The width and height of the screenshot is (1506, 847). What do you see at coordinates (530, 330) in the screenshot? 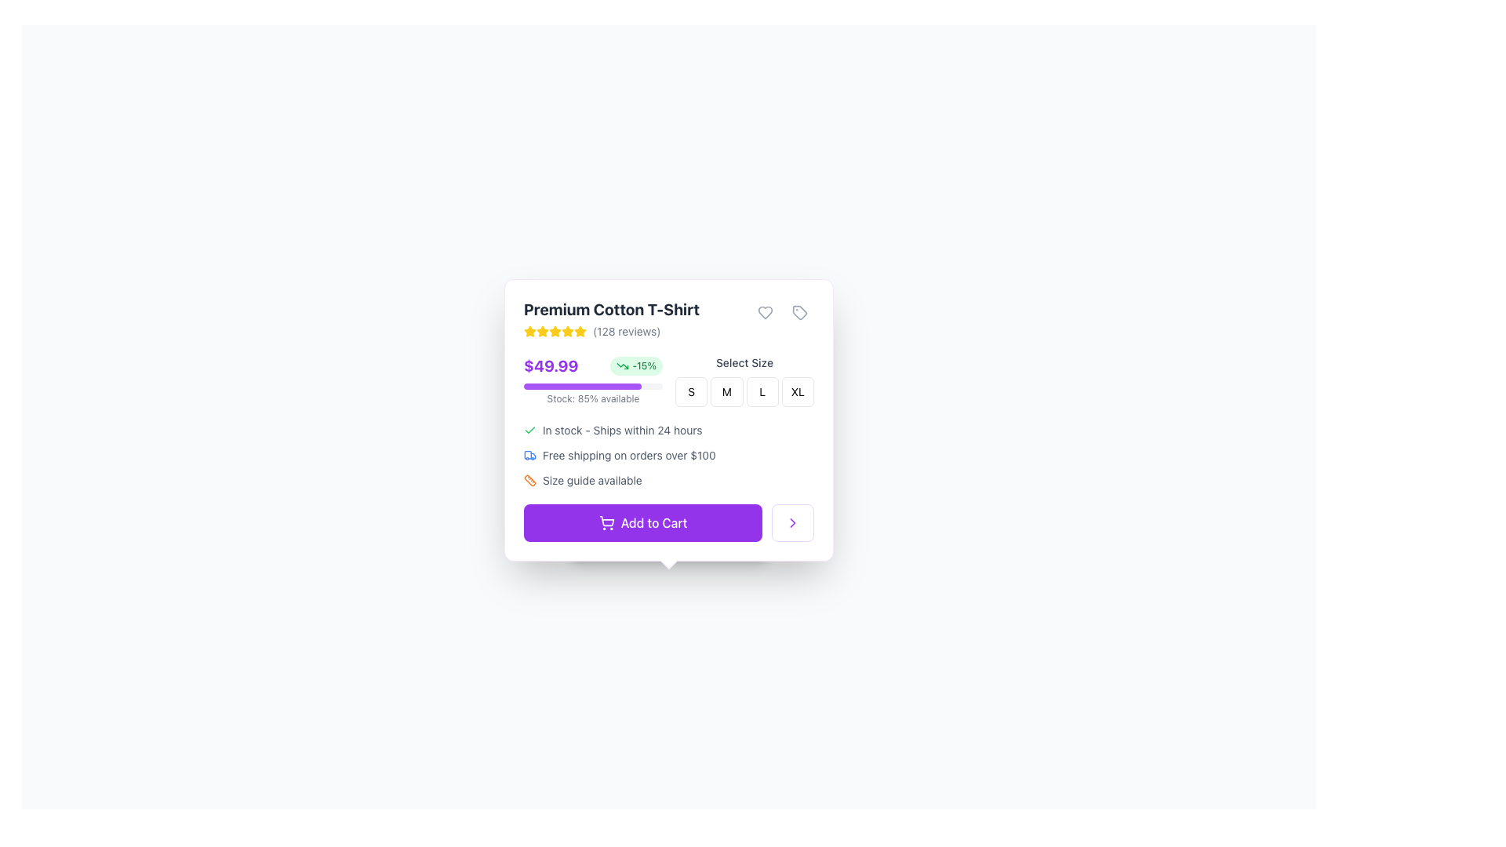
I see `the gold star-shaped icon in the product card interface` at bounding box center [530, 330].